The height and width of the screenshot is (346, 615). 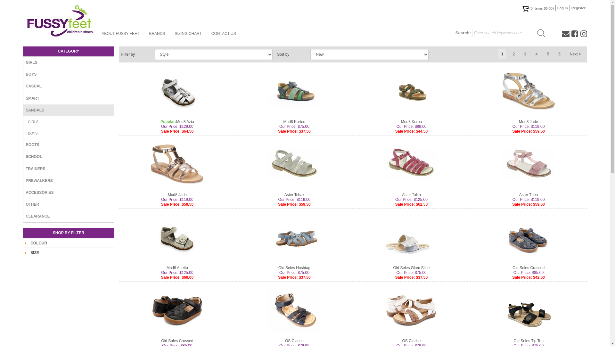 What do you see at coordinates (547, 54) in the screenshot?
I see `'5'` at bounding box center [547, 54].